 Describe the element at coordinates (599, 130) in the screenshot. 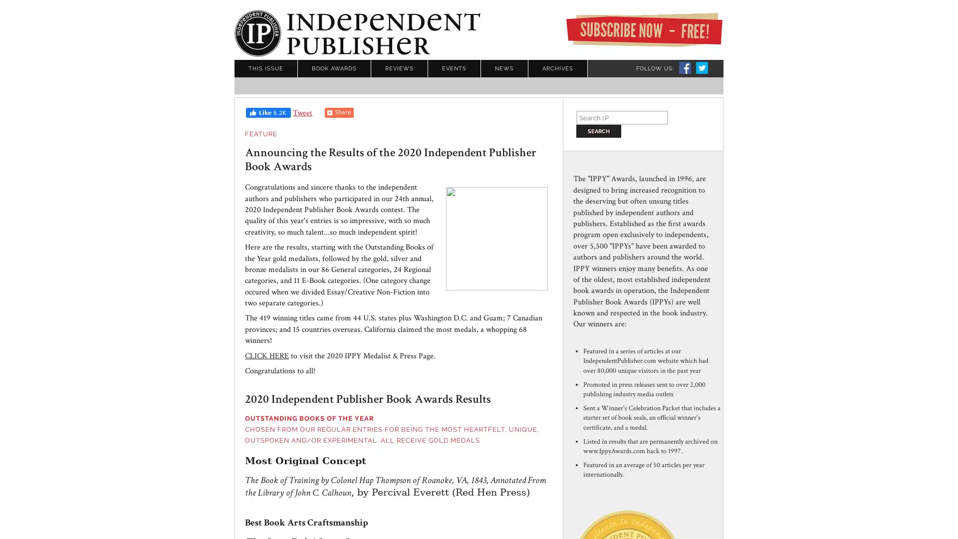

I see `Search` at that location.